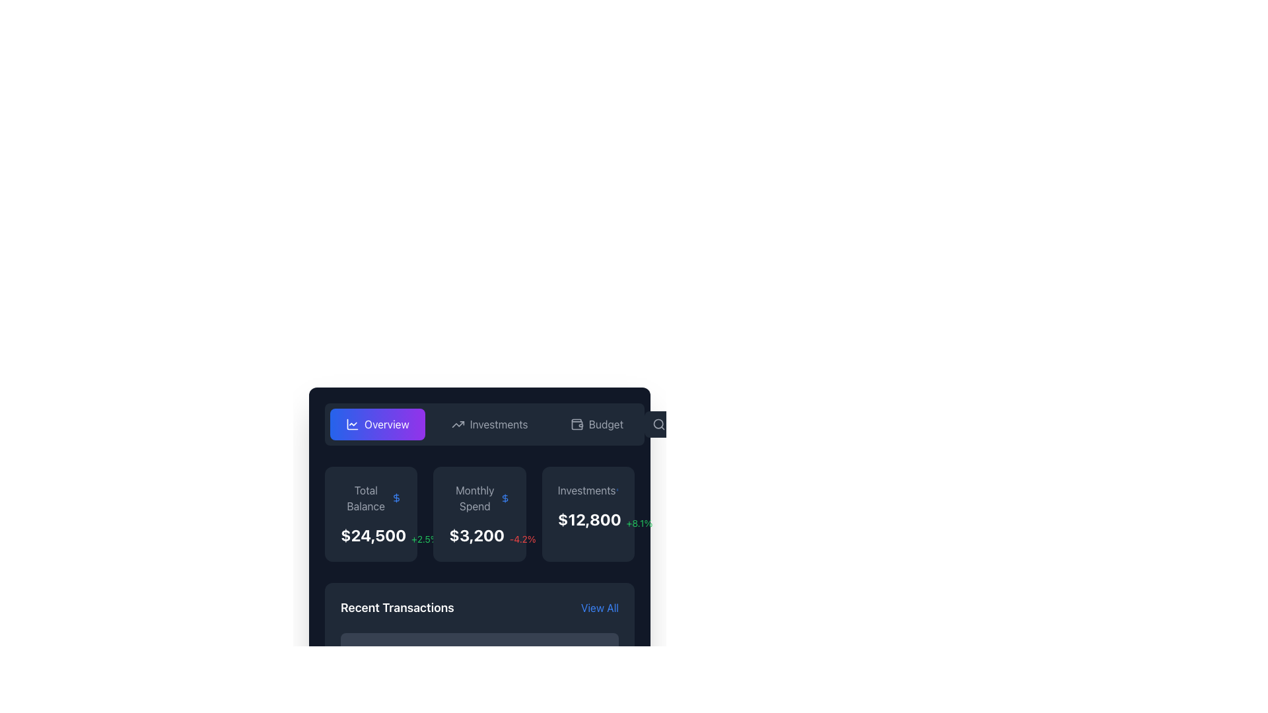 The height and width of the screenshot is (713, 1268). I want to click on the static text label indicating monthly spending, which is positioned at the top center of the second card in a horizontally aligned group of cards with a dark background, so click(479, 498).